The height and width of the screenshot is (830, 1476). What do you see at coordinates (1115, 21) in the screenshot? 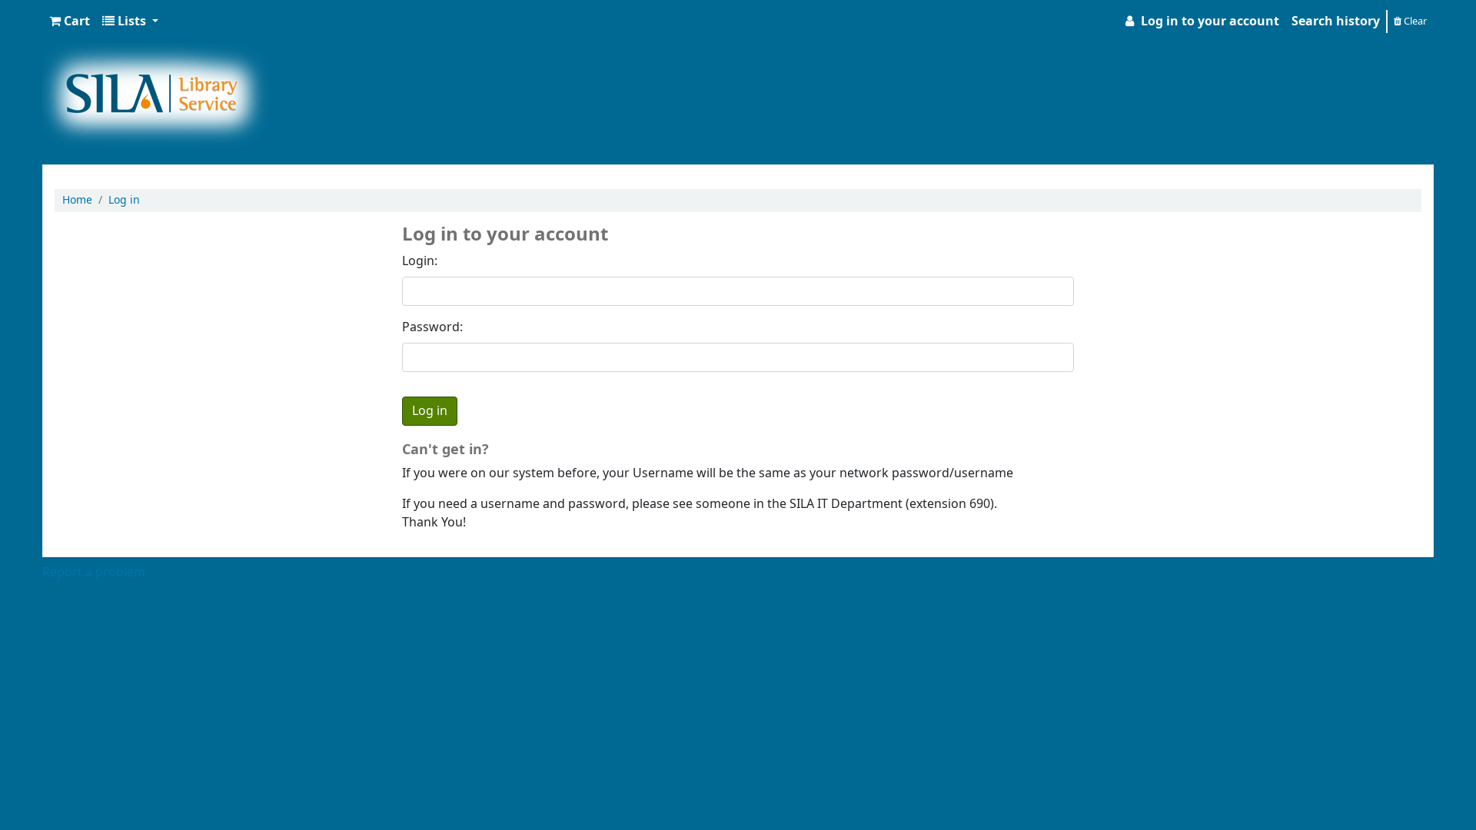
I see `'Log in to your account'` at bounding box center [1115, 21].